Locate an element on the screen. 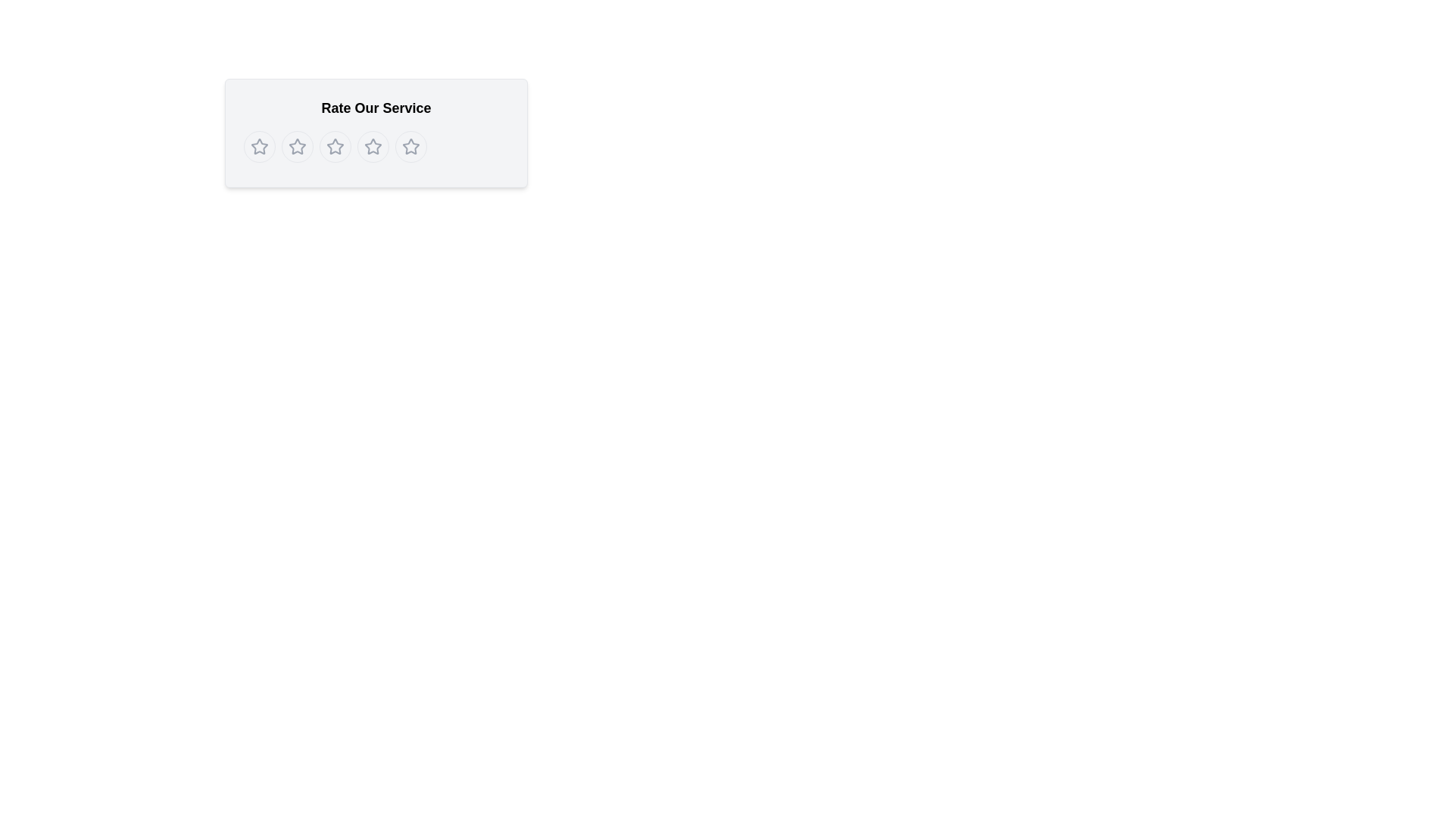 The height and width of the screenshot is (818, 1454). the Rating star icon is located at coordinates (259, 146).